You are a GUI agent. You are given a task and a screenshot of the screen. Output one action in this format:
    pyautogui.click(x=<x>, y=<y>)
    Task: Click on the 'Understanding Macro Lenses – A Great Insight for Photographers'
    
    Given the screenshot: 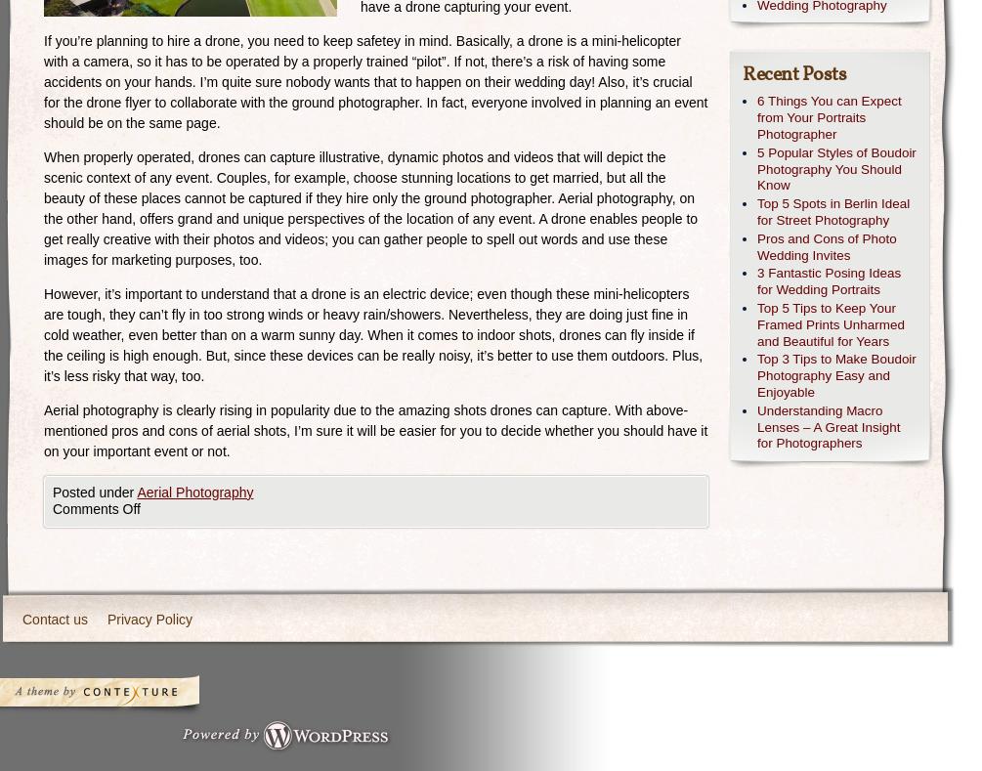 What is the action you would take?
    pyautogui.click(x=828, y=426)
    